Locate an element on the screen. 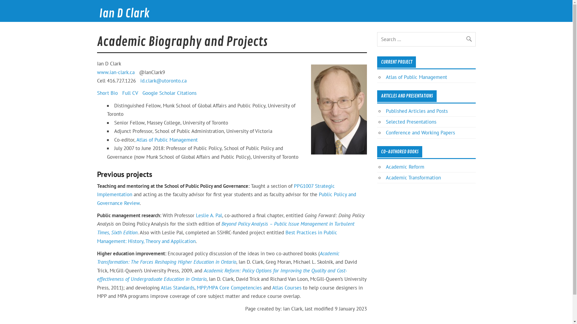  'id.clark@utoronto.ca' is located at coordinates (139, 80).